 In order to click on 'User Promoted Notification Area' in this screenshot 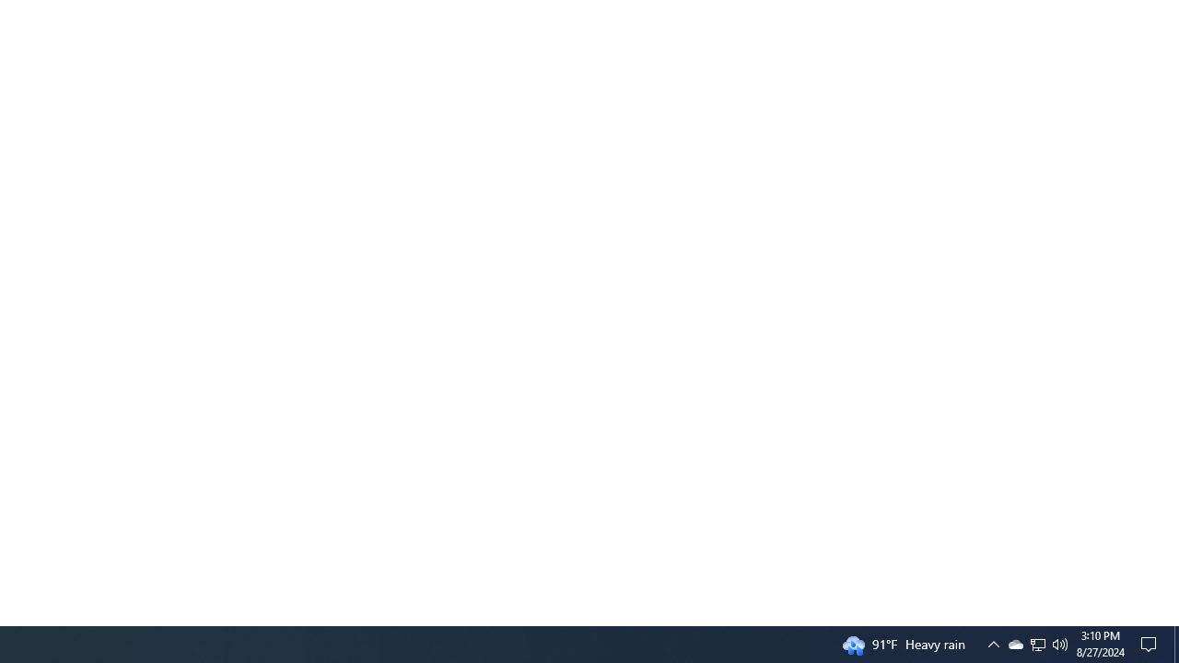, I will do `click(993, 643)`.